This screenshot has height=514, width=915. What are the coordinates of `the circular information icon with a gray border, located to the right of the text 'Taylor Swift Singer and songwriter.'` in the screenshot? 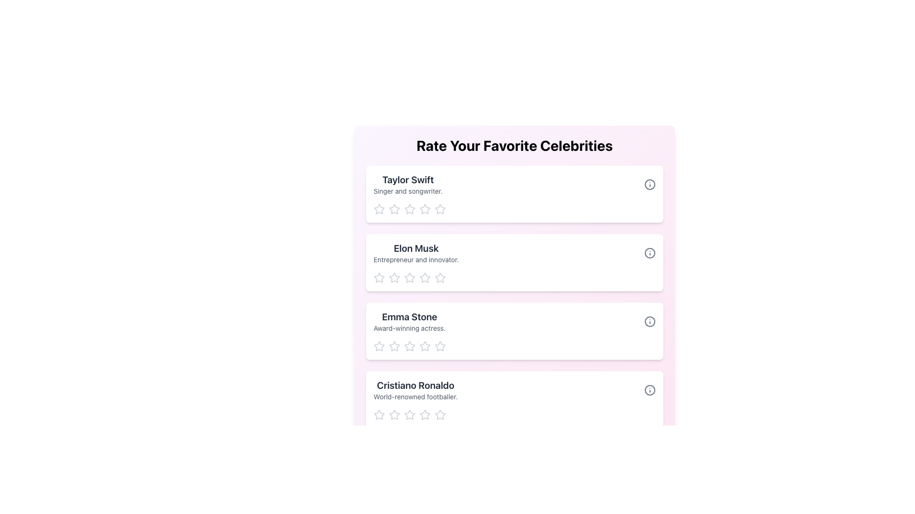 It's located at (649, 185).